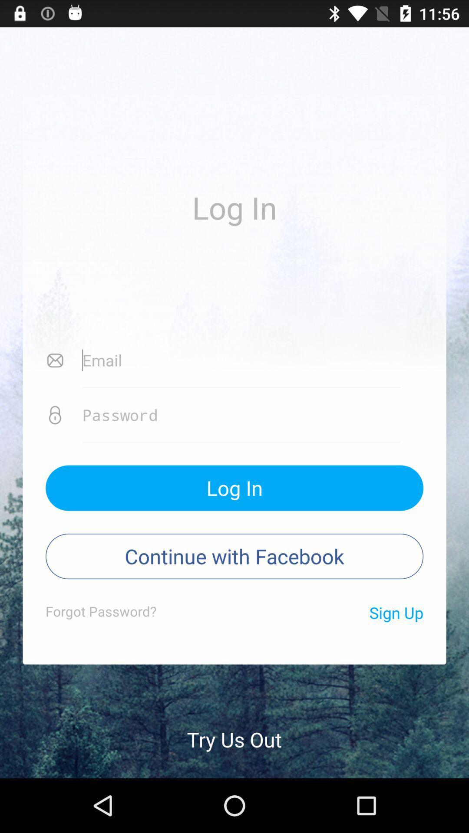 The width and height of the screenshot is (469, 833). I want to click on email address icon, so click(241, 360).